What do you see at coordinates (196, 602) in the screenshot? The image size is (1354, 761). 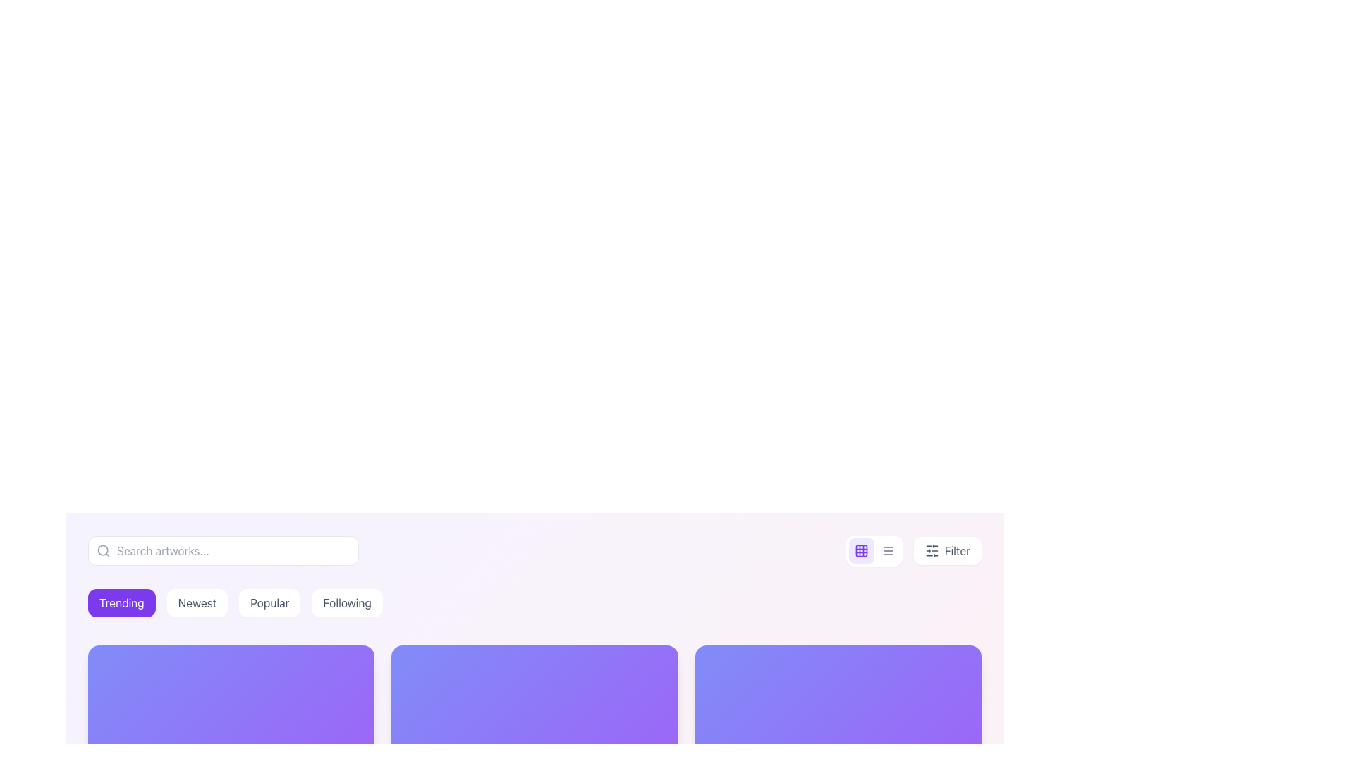 I see `the 'Newest' button with a white background and grey text` at bounding box center [196, 602].